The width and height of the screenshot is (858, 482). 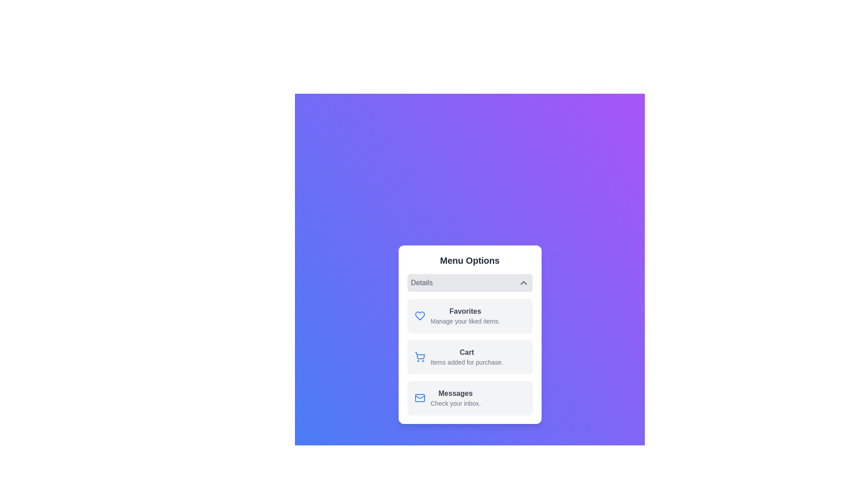 I want to click on the menu item labeled Favorites, so click(x=469, y=316).